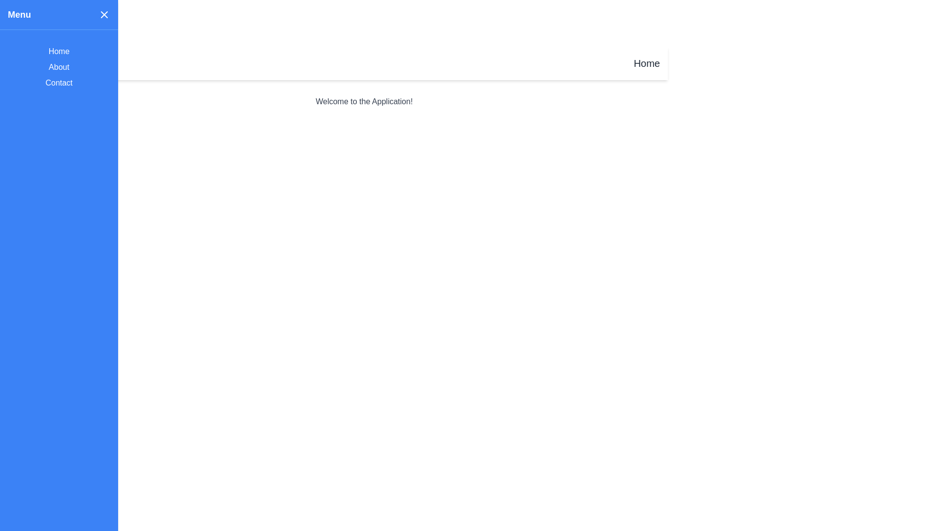 The height and width of the screenshot is (531, 945). What do you see at coordinates (77, 63) in the screenshot?
I see `the hamburger menu icon button located in the left side navigation menu` at bounding box center [77, 63].